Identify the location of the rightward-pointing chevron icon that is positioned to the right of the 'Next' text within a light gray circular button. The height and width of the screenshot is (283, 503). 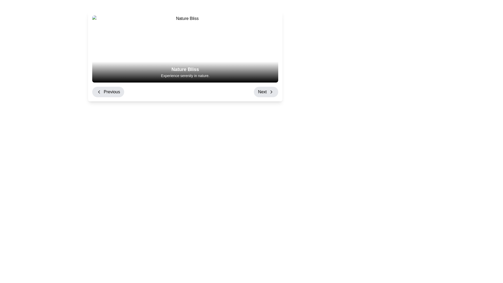
(271, 92).